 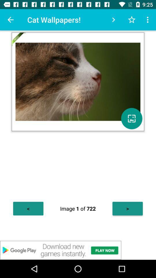 I want to click on click advertisement, so click(x=78, y=250).